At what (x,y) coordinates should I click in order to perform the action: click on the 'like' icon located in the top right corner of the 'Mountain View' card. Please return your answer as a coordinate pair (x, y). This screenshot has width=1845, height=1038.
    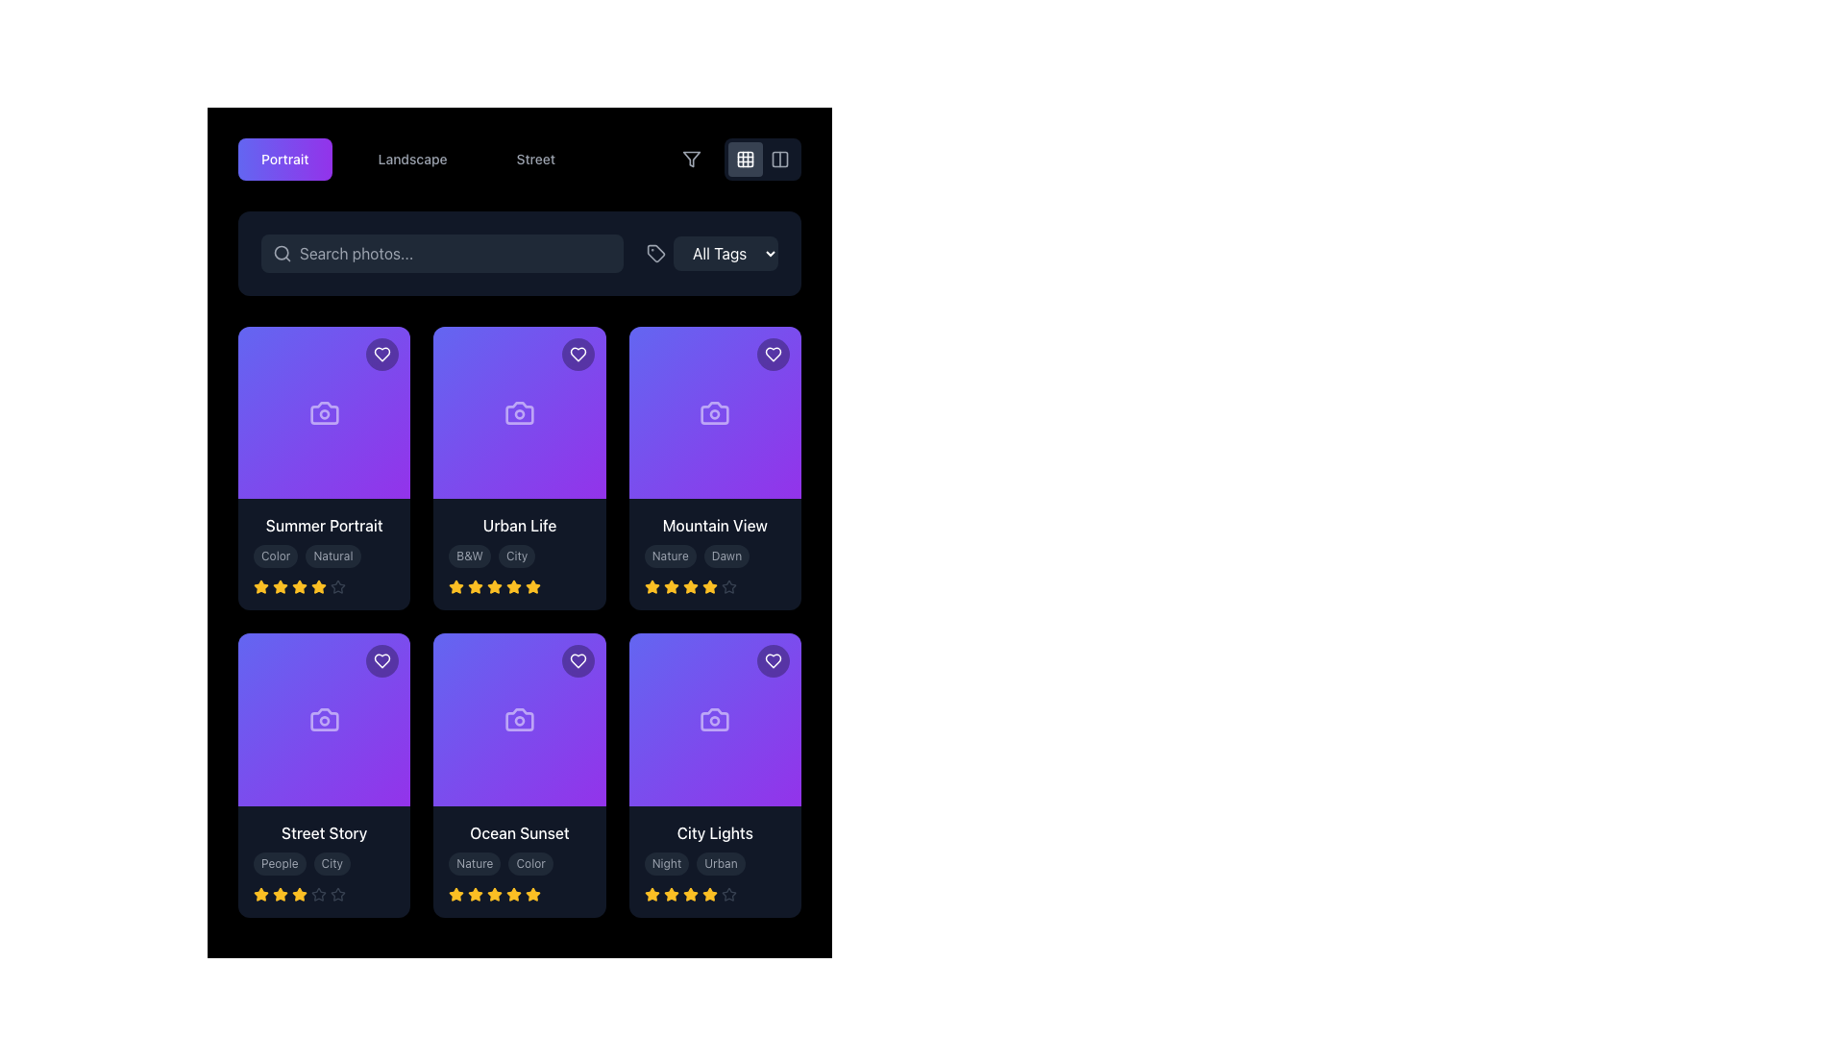
    Looking at the image, I should click on (774, 355).